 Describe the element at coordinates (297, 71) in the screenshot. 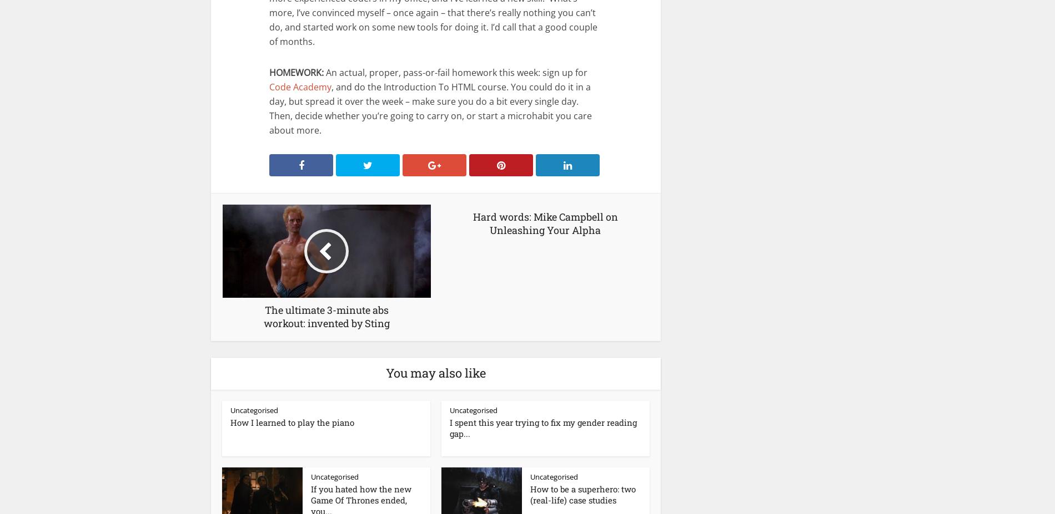

I see `'HOMEWORK:'` at that location.